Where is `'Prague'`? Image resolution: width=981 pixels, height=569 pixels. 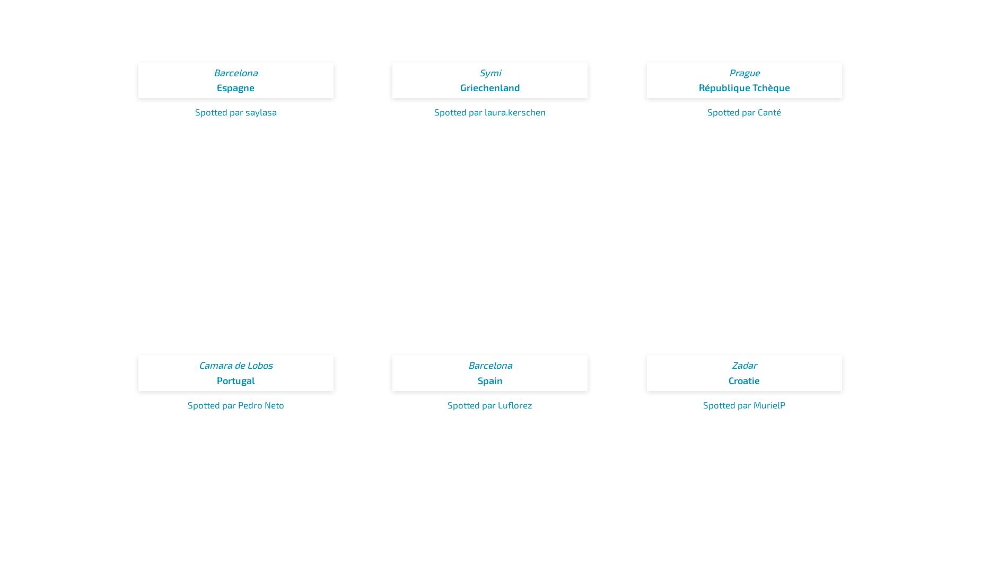
'Prague' is located at coordinates (744, 71).